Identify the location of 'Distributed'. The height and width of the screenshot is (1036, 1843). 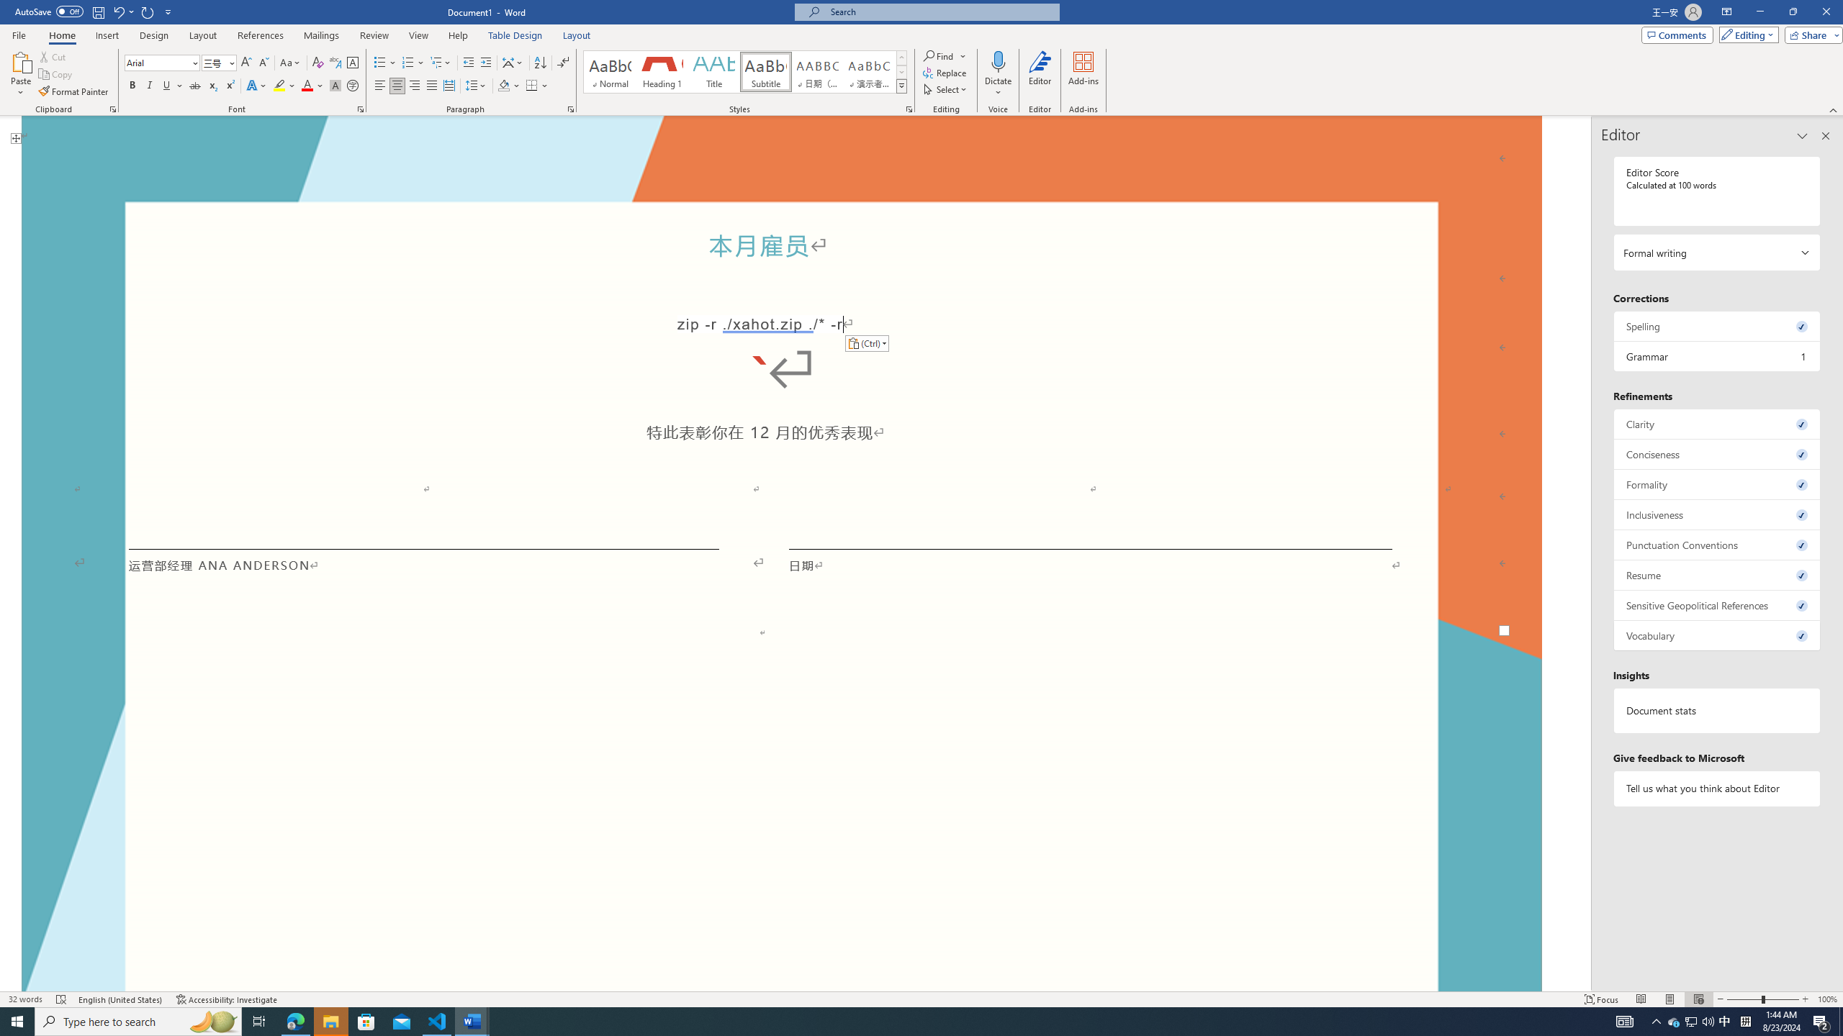
(449, 85).